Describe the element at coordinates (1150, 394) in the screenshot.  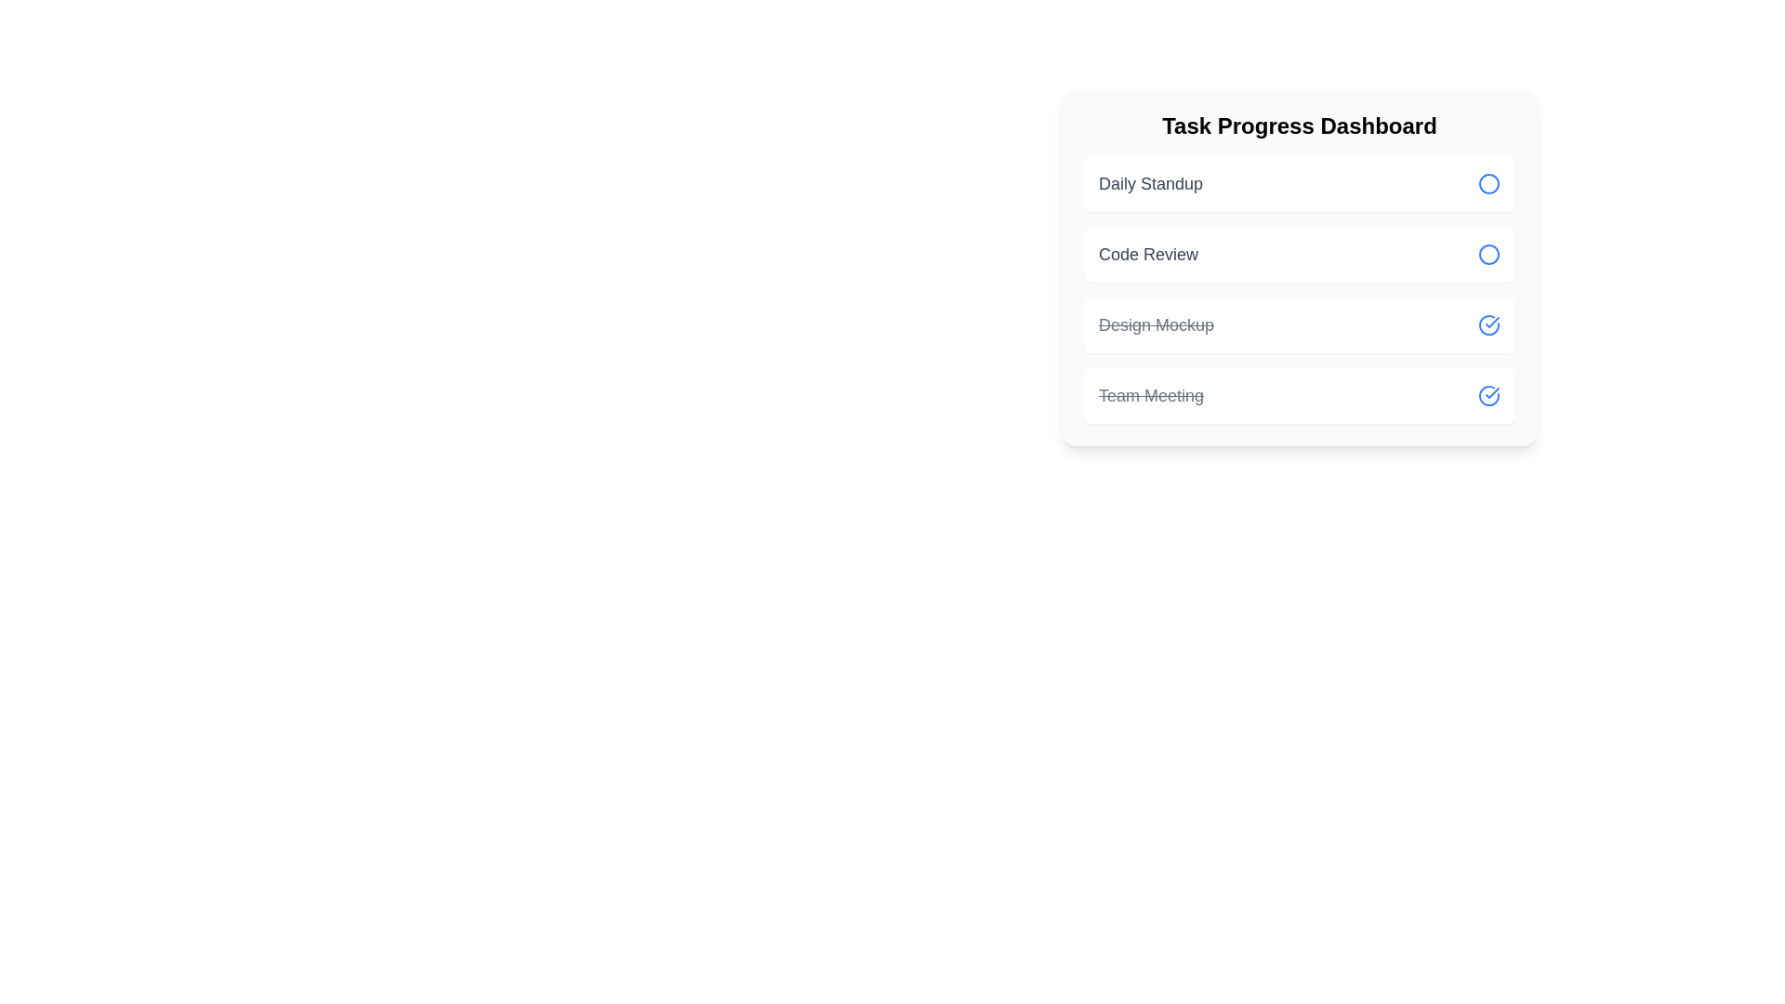
I see `the completed task text label 'Team Meeting' which is marked with a strikethrough style and is located at the bottom of the task list` at that location.